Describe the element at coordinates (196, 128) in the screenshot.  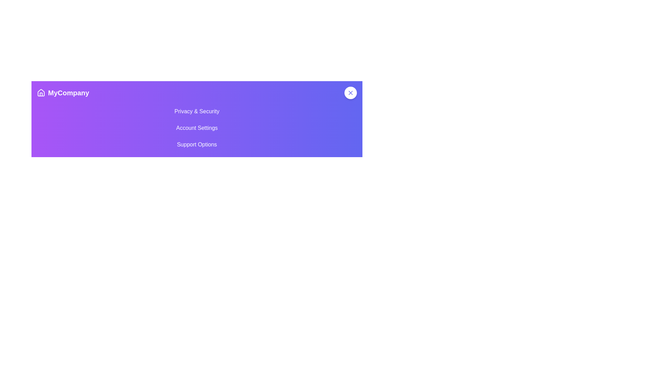
I see `the vertical text list element that contains 'Privacy & Security', 'Account Settings', and 'Support Options'` at that location.